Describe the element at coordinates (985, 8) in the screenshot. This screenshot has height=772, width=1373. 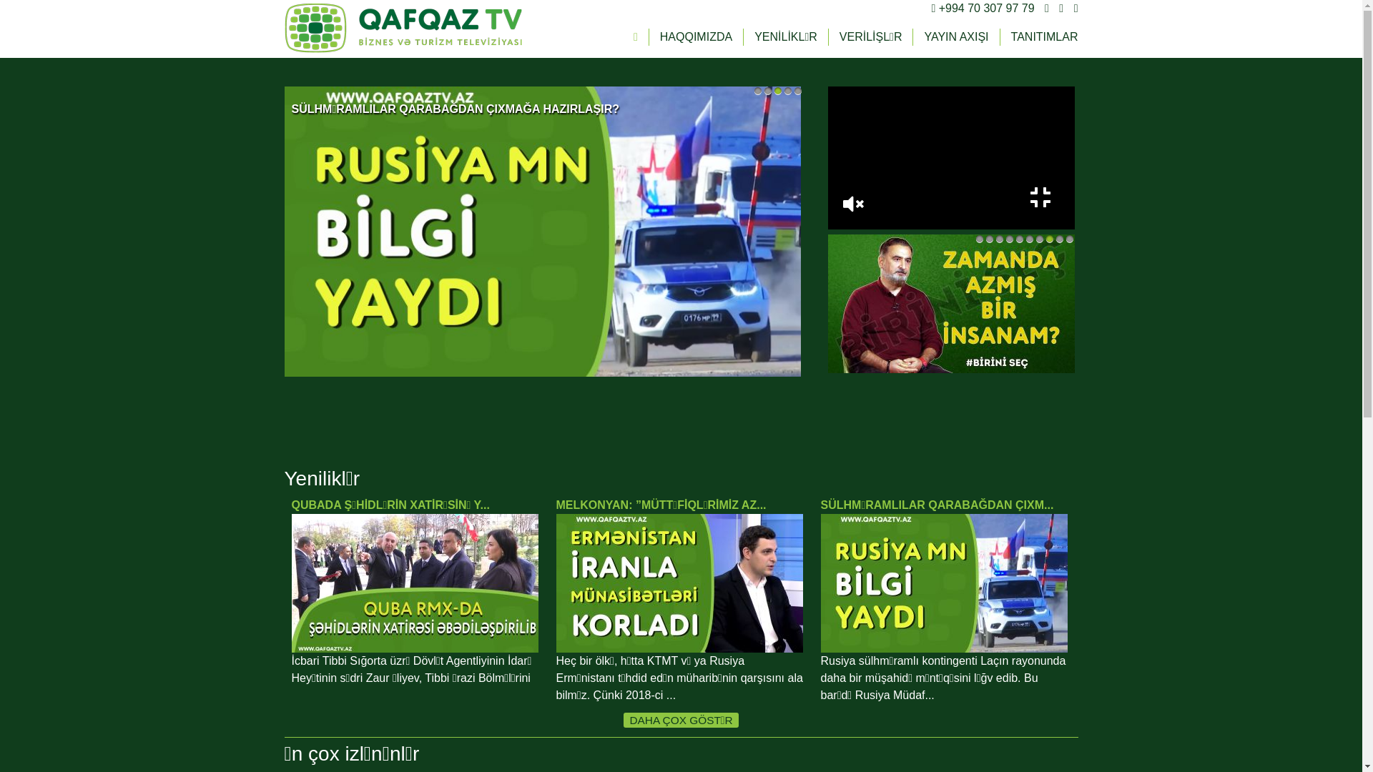
I see `'+994 70 307 97 79'` at that location.